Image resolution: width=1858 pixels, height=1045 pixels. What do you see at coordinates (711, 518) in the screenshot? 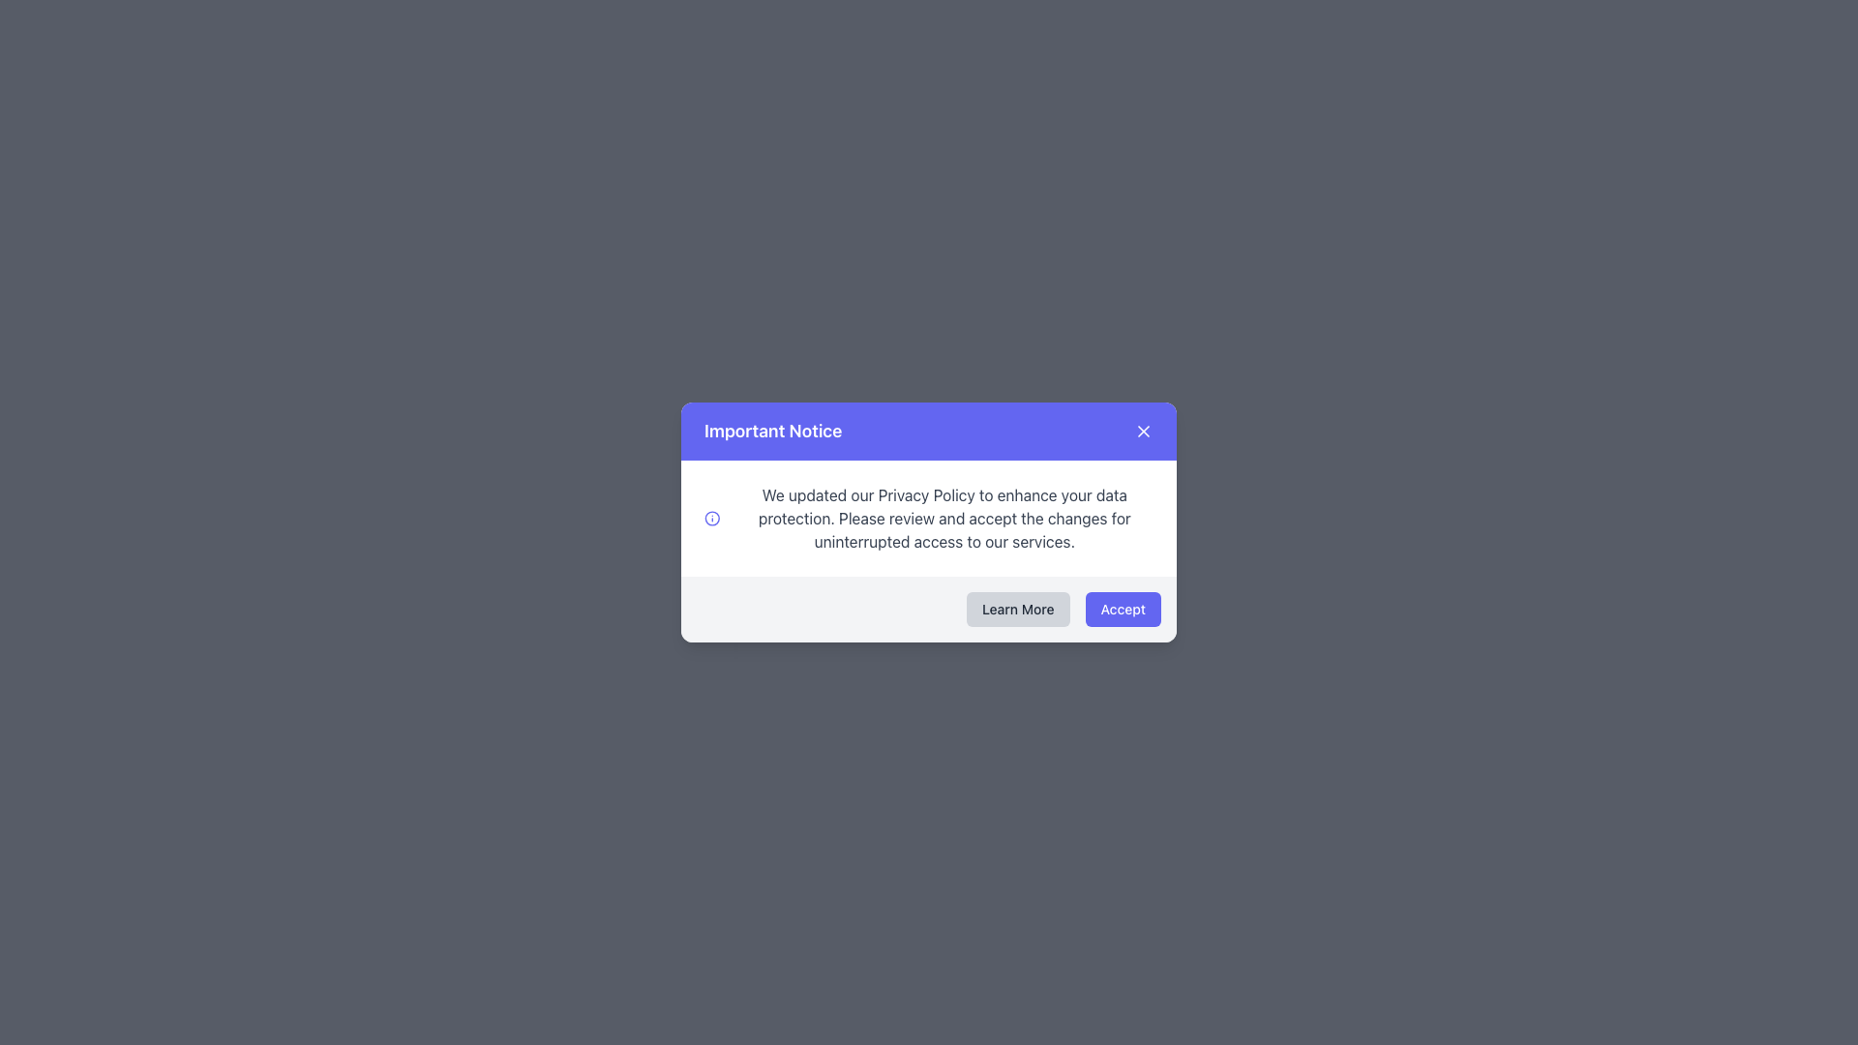
I see `the central circular graphic component of the 'info' icon, which is styled with the 'lucide-info' class and located at the top center of the dialog box` at bounding box center [711, 518].